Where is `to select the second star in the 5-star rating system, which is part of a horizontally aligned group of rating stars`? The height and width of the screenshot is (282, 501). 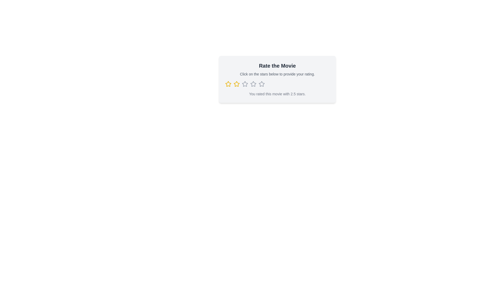
to select the second star in the 5-star rating system, which is part of a horizontally aligned group of rating stars is located at coordinates (236, 84).